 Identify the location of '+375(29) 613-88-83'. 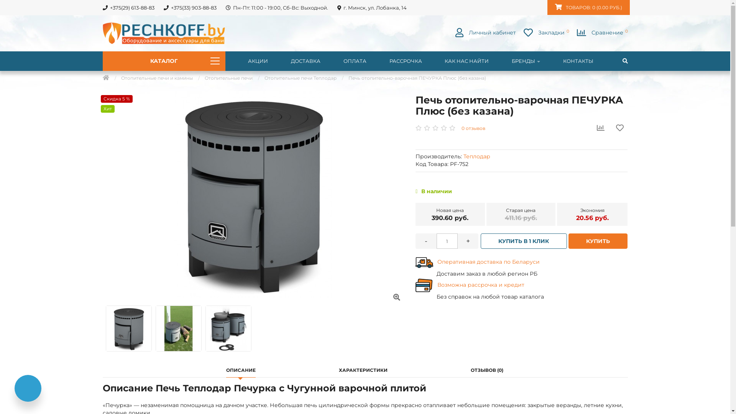
(128, 7).